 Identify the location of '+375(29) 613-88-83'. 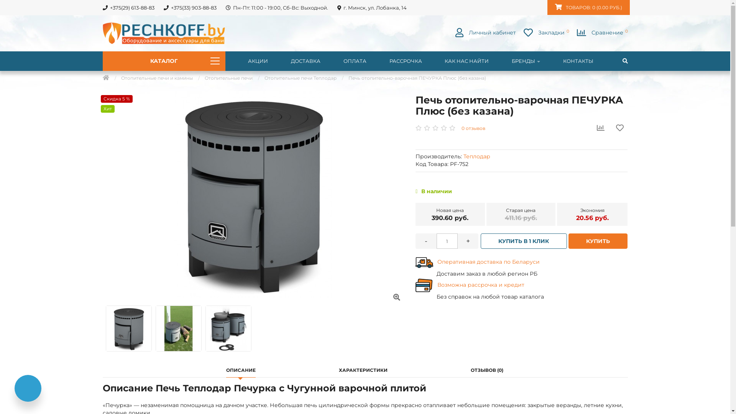
(128, 7).